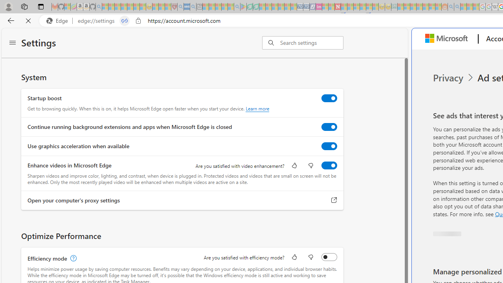  I want to click on 'Target page - Wikipedia - Sleeping', so click(494, 7).